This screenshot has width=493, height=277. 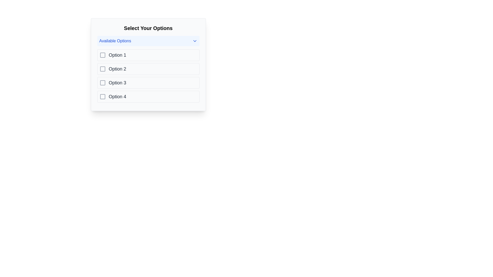 I want to click on text of the label indicating the name or identifier for the second selectable option in the list, which is positioned below 'Option 1' and above 'Option 3', and to the right of an icon, so click(x=117, y=69).